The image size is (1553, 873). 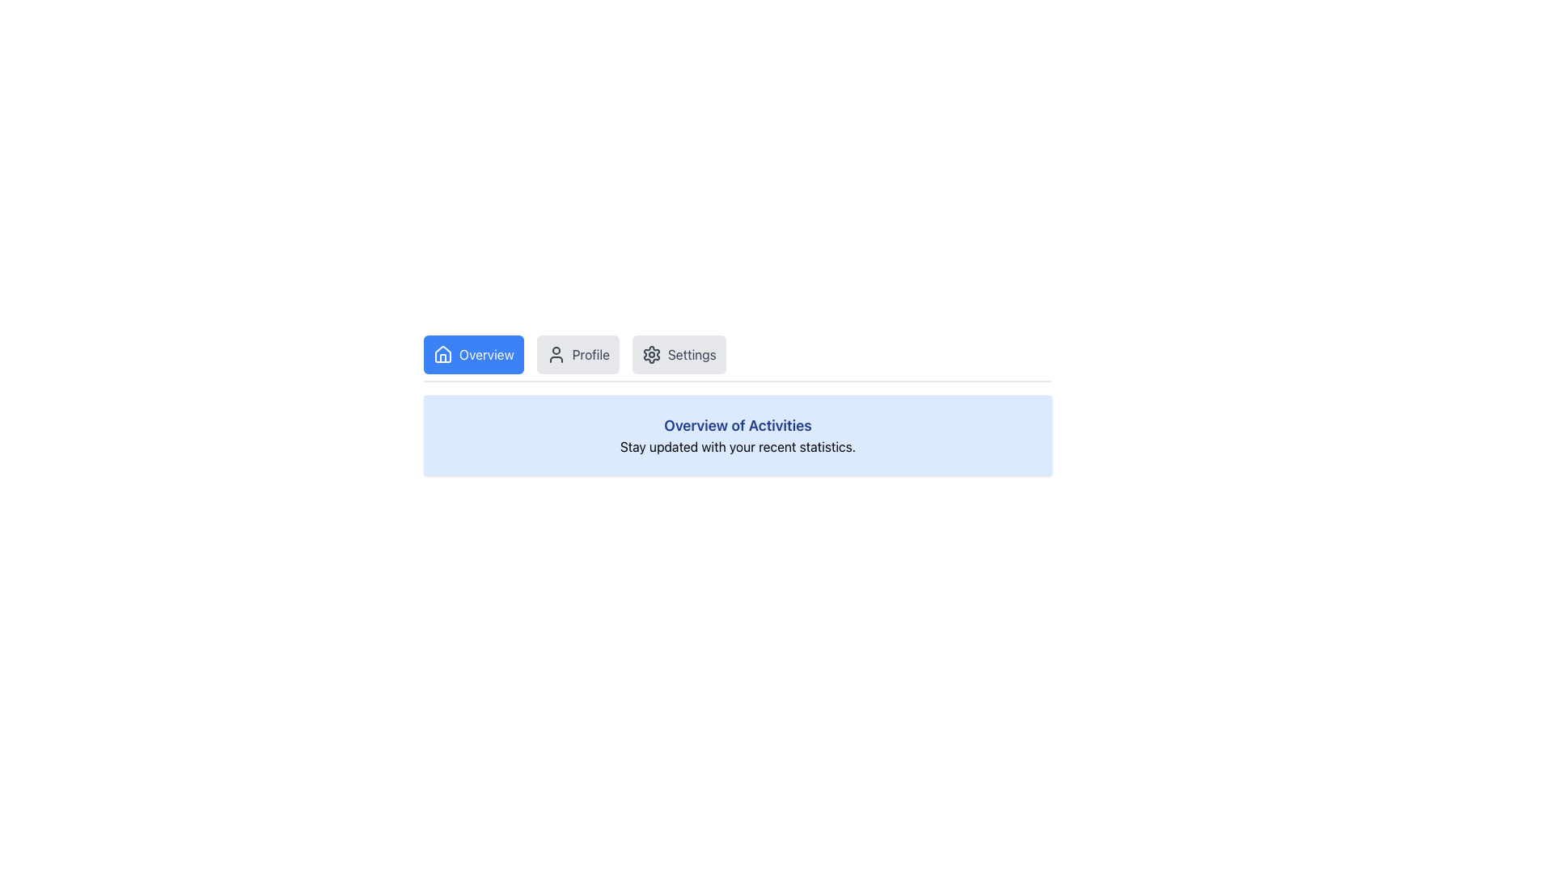 What do you see at coordinates (737, 425) in the screenshot?
I see `the text label that reads 'Overview of Activities', which is styled in bold, larger font, dark blue color, and located above the text 'Stay updated with your recent statistics'` at bounding box center [737, 425].